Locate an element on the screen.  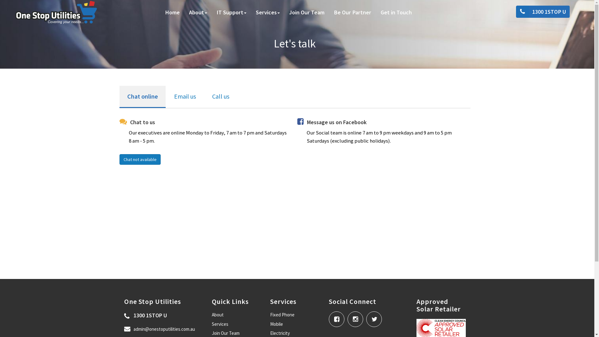
'Services' is located at coordinates (220, 324).